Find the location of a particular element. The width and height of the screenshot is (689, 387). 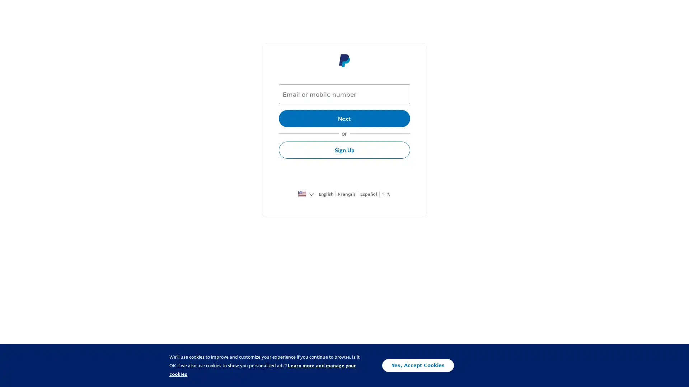

Next is located at coordinates (344, 118).